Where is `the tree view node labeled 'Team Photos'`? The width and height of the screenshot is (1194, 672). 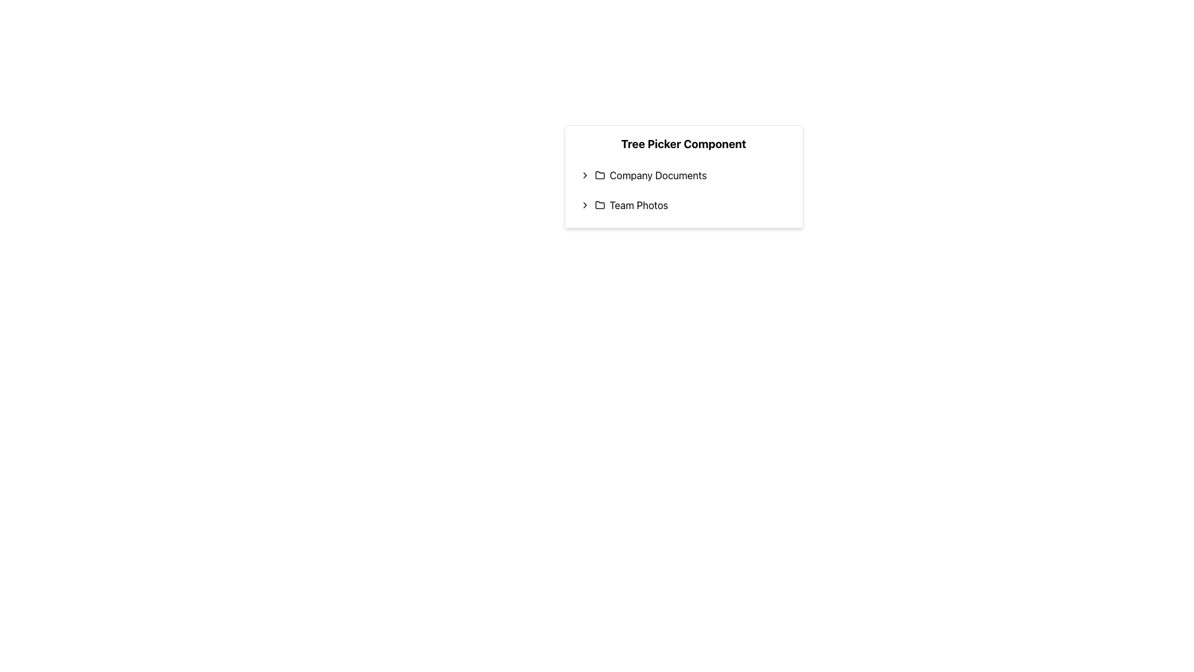
the tree view node labeled 'Team Photos' is located at coordinates (683, 205).